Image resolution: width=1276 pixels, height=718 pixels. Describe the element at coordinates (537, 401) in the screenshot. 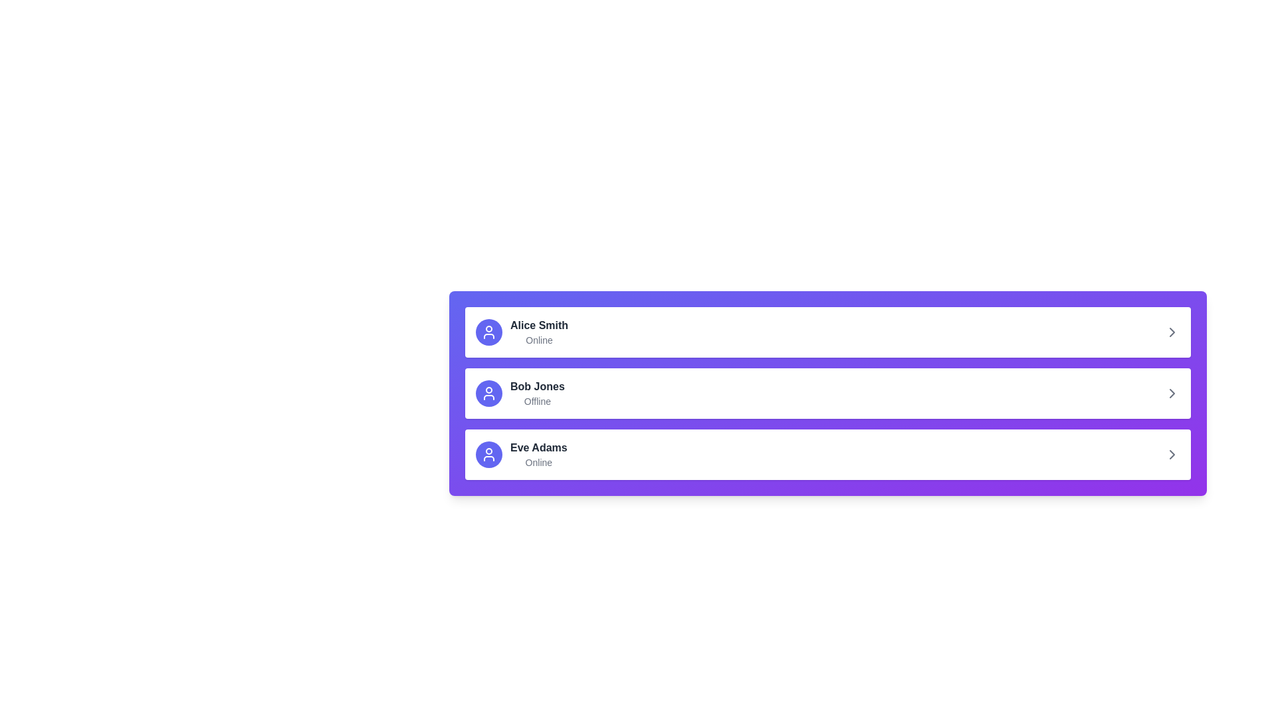

I see `the Text Label displaying 'Offline', which is located below 'Bob Jones' in the second list item of the panel` at that location.